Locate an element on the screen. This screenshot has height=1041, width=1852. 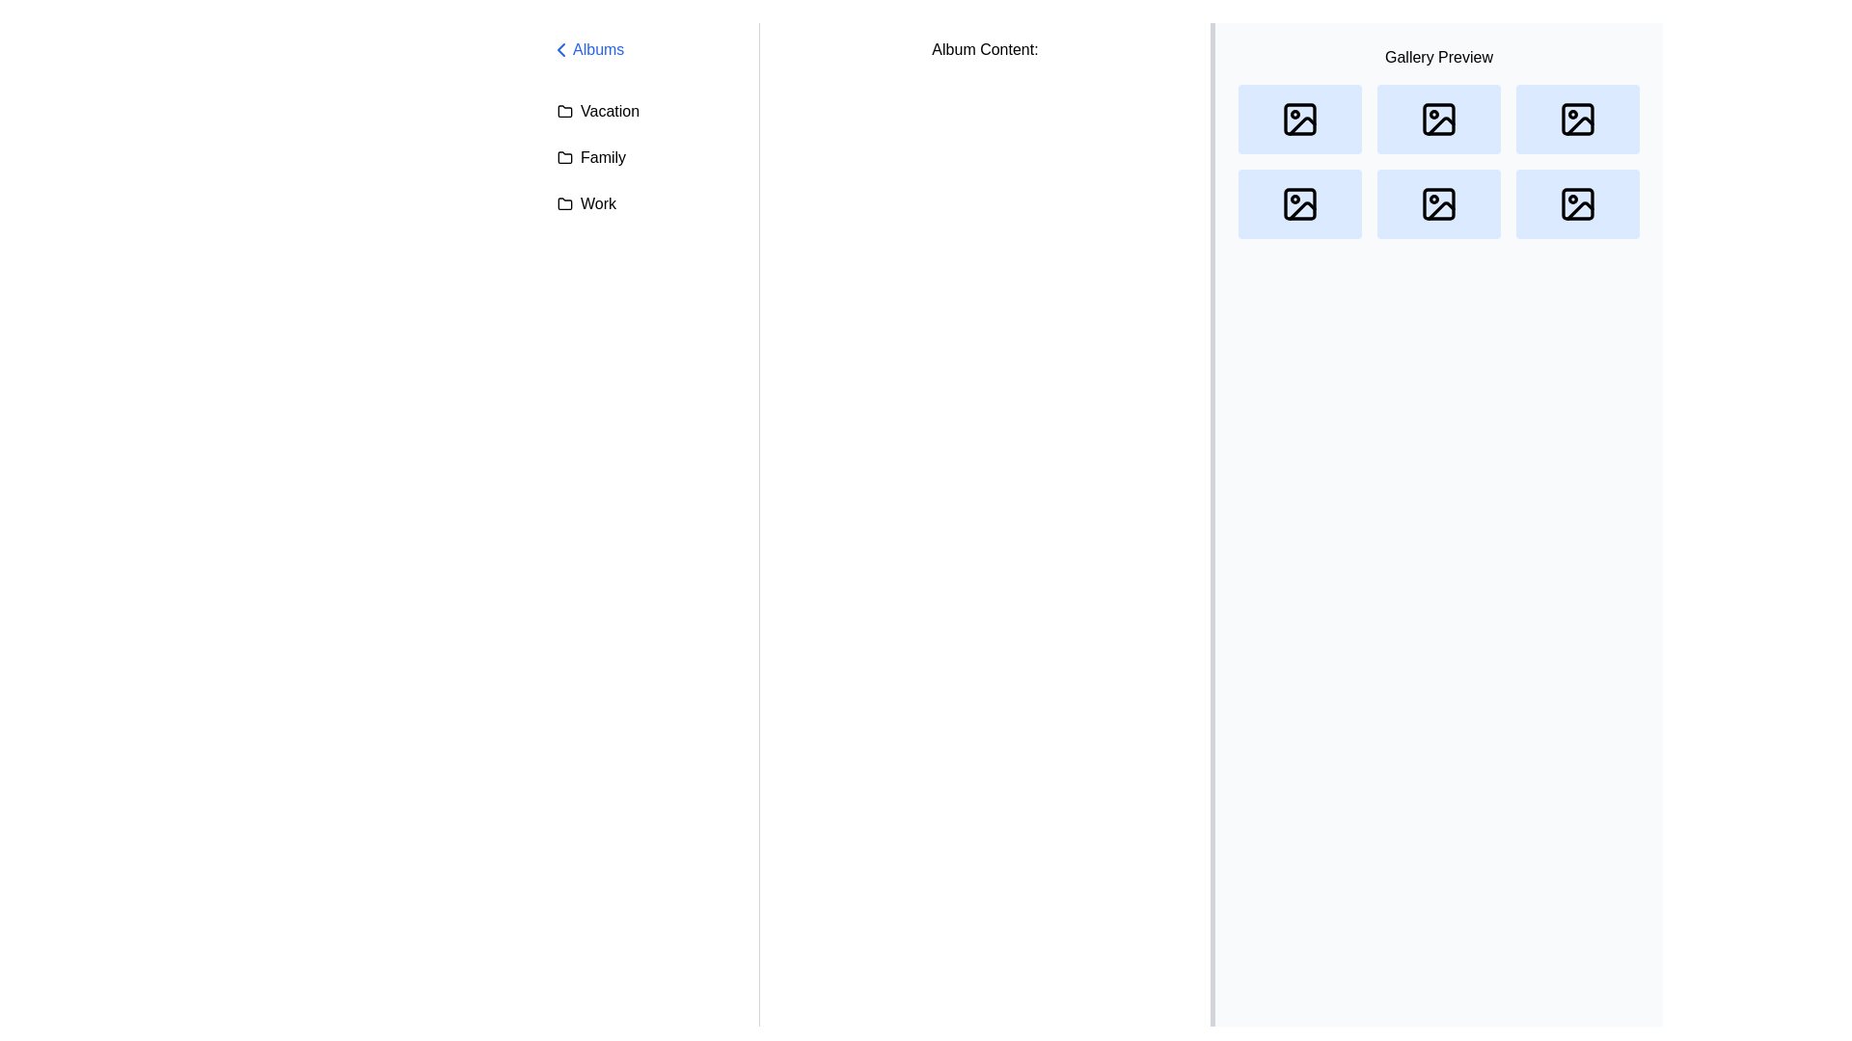
the Decorative folder icon located in the left sidebar navigation area, positioned immediately before the 'Vacation' label is located at coordinates (563, 111).